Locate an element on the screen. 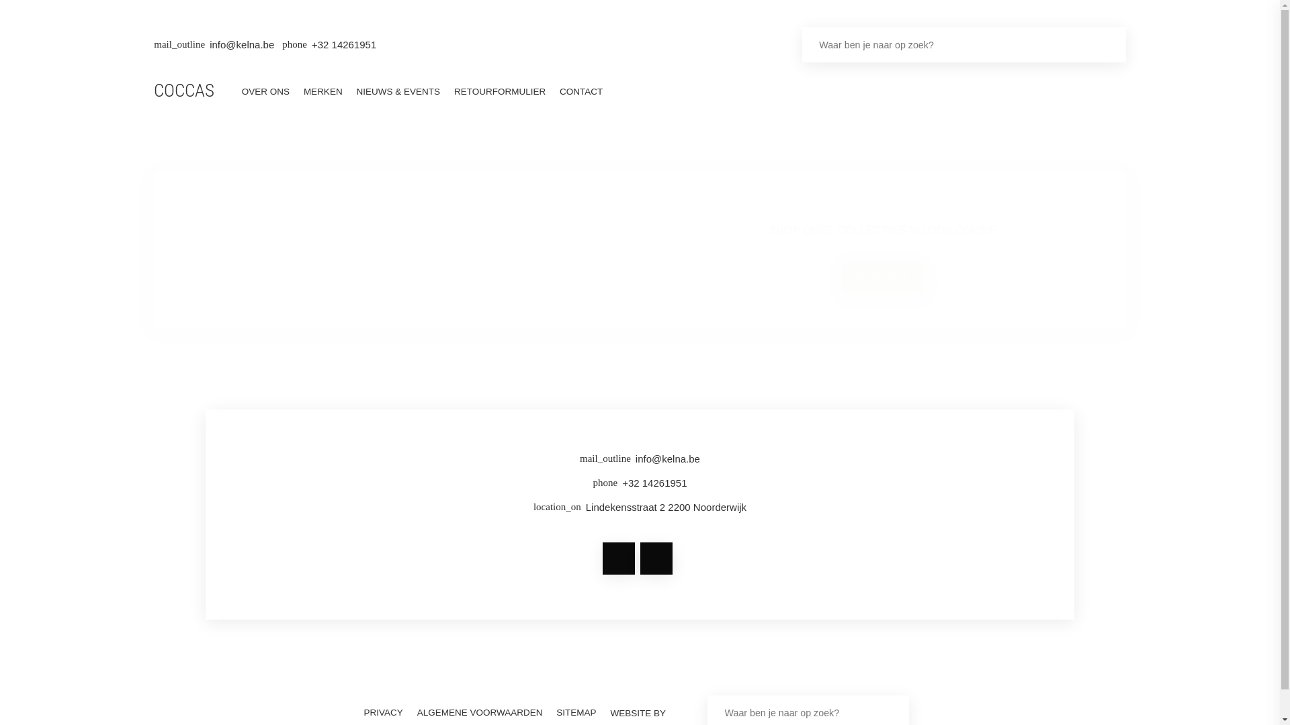  'WEBSITE BY' is located at coordinates (603, 712).